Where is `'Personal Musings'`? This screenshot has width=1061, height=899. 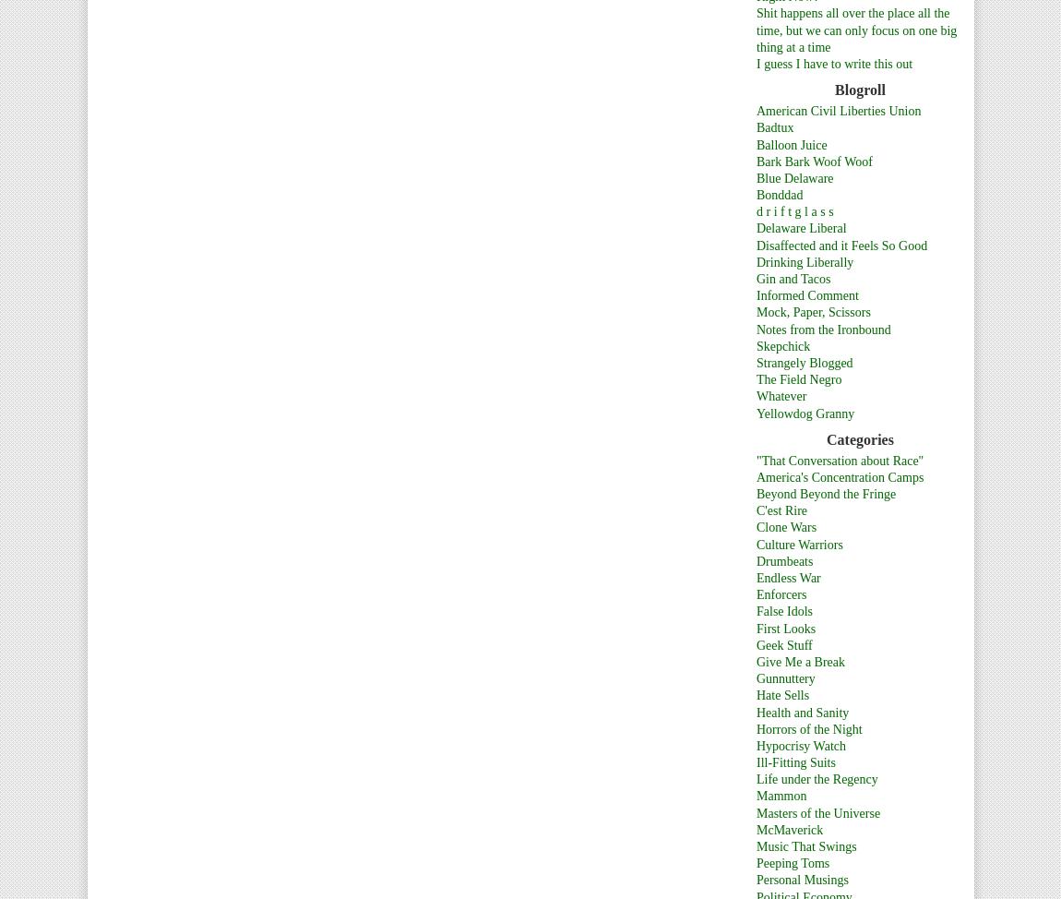
'Personal Musings' is located at coordinates (755, 879).